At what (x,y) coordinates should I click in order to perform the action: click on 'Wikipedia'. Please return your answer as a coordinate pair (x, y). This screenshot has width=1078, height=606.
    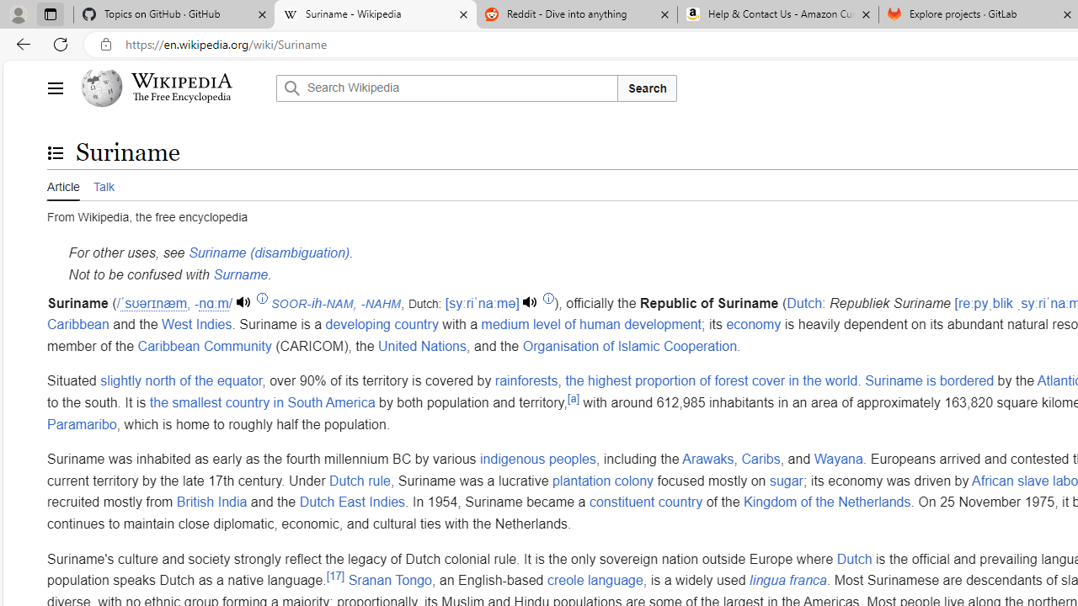
    Looking at the image, I should click on (182, 81).